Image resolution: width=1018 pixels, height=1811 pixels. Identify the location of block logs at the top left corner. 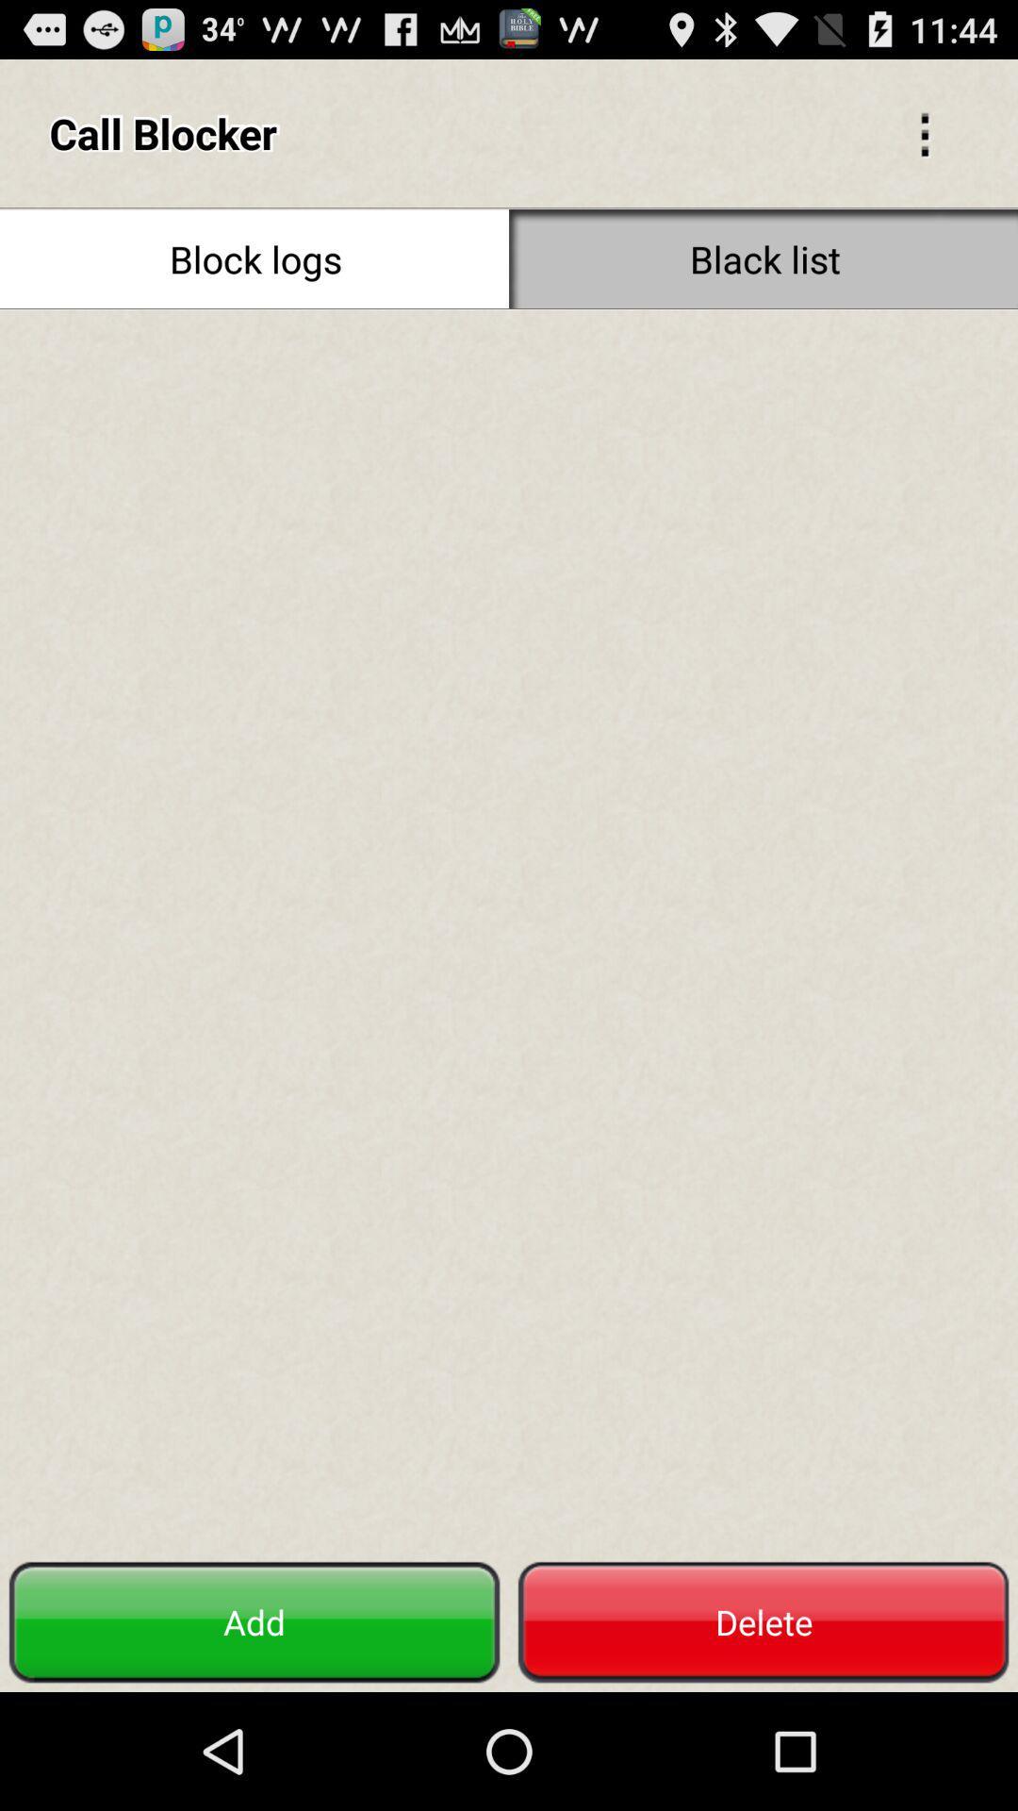
(254, 258).